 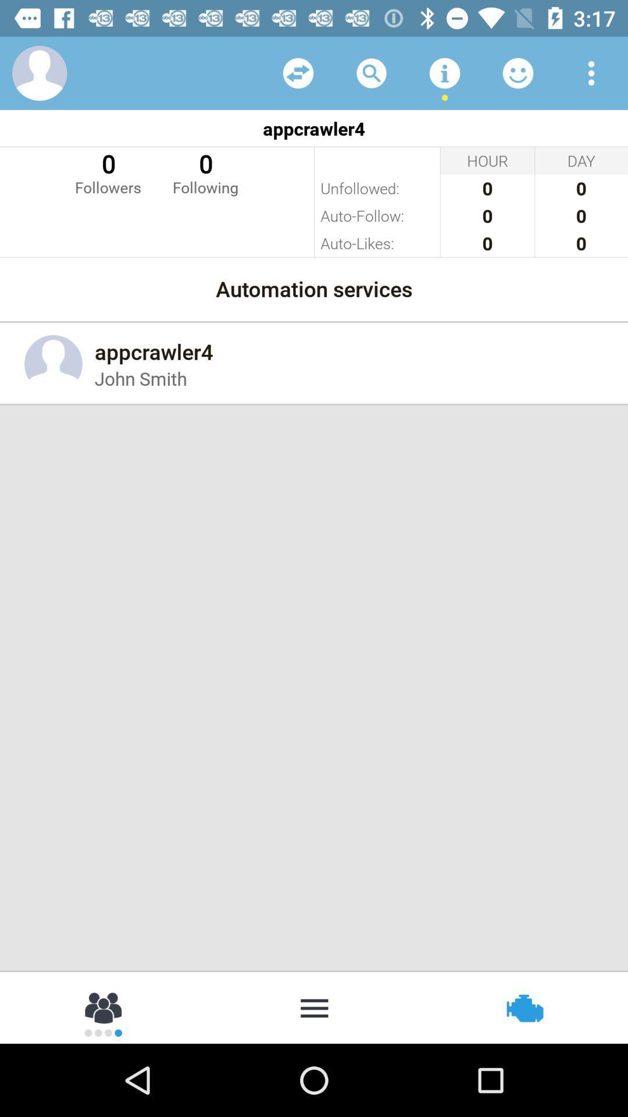 I want to click on additional info on app, so click(x=444, y=72).